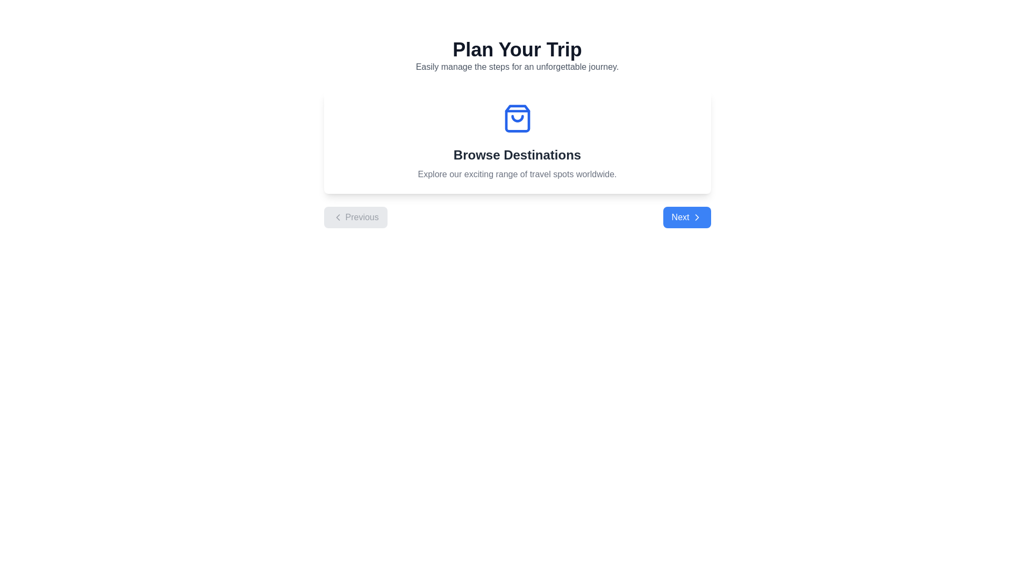 This screenshot has height=580, width=1032. Describe the element at coordinates (517, 118) in the screenshot. I see `the blue shopping bag icon, which is centrally positioned above the 'Browse Destinations' heading` at that location.